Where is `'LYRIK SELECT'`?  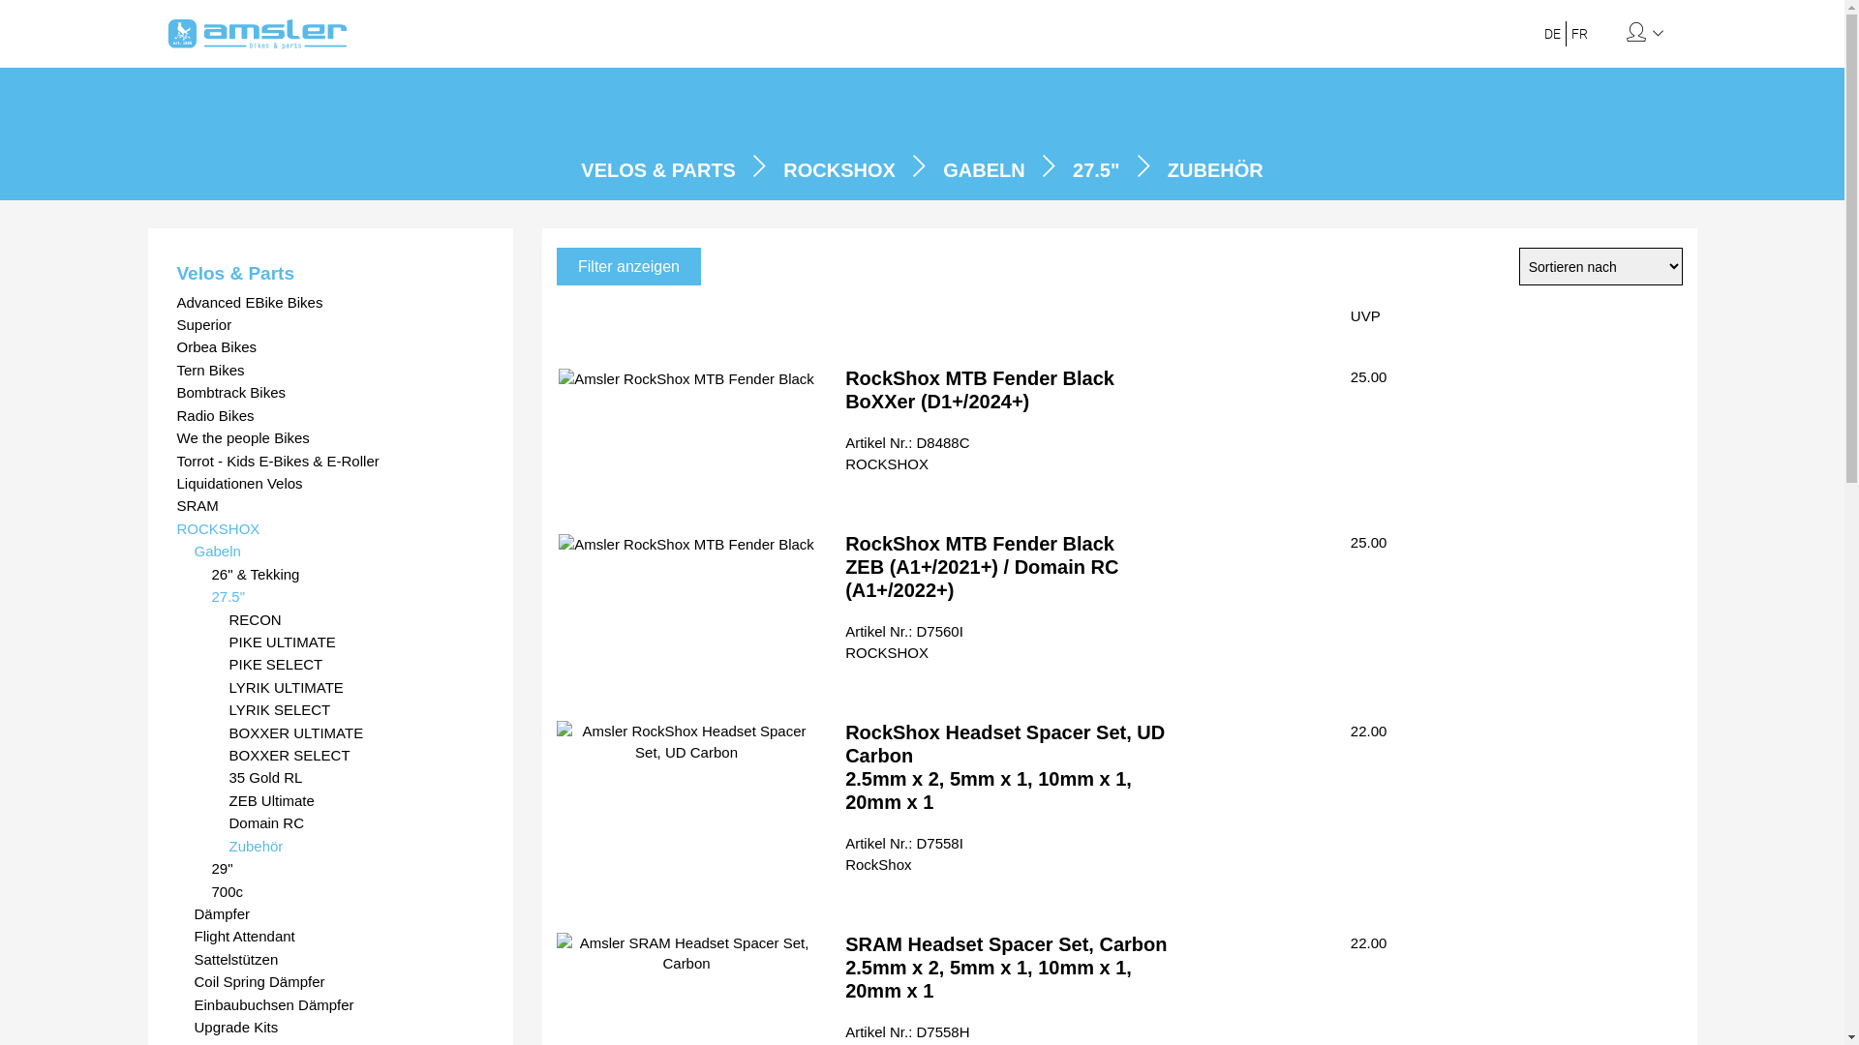 'LYRIK SELECT' is located at coordinates (228, 709).